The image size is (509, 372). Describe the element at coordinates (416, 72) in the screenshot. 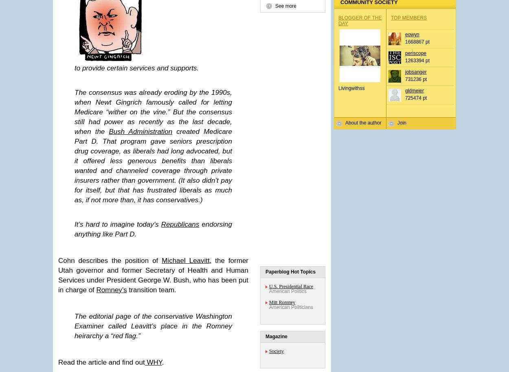

I see `'jobsanger'` at that location.